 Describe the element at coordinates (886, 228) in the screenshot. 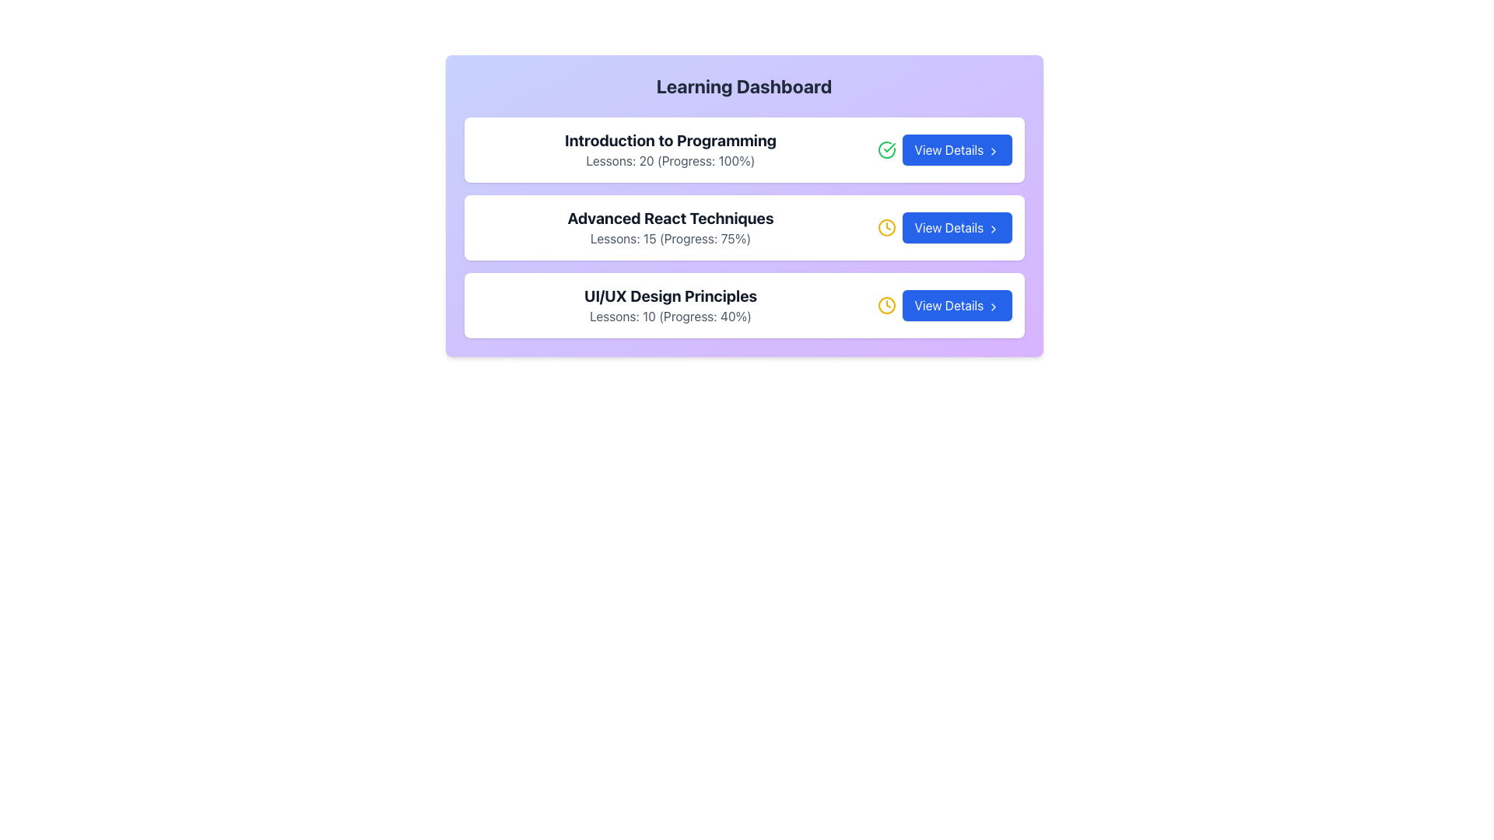

I see `the decorative SVG circle element within the 'In Progress' clock icon, located to the left of the text 'UI/UX Design Principles' in the third entry of the list` at that location.